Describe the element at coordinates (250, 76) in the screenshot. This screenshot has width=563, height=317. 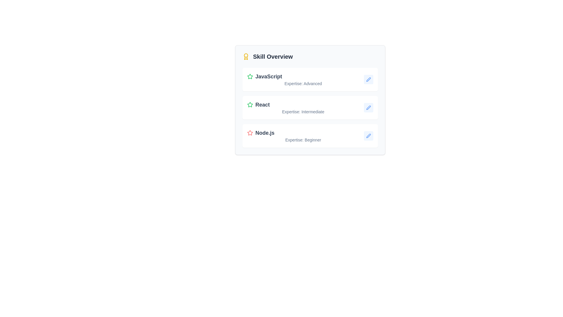
I see `the vibrant green star-shaped icon located to the left of the 'JavaScript' text in the 'Skill Overview' section` at that location.